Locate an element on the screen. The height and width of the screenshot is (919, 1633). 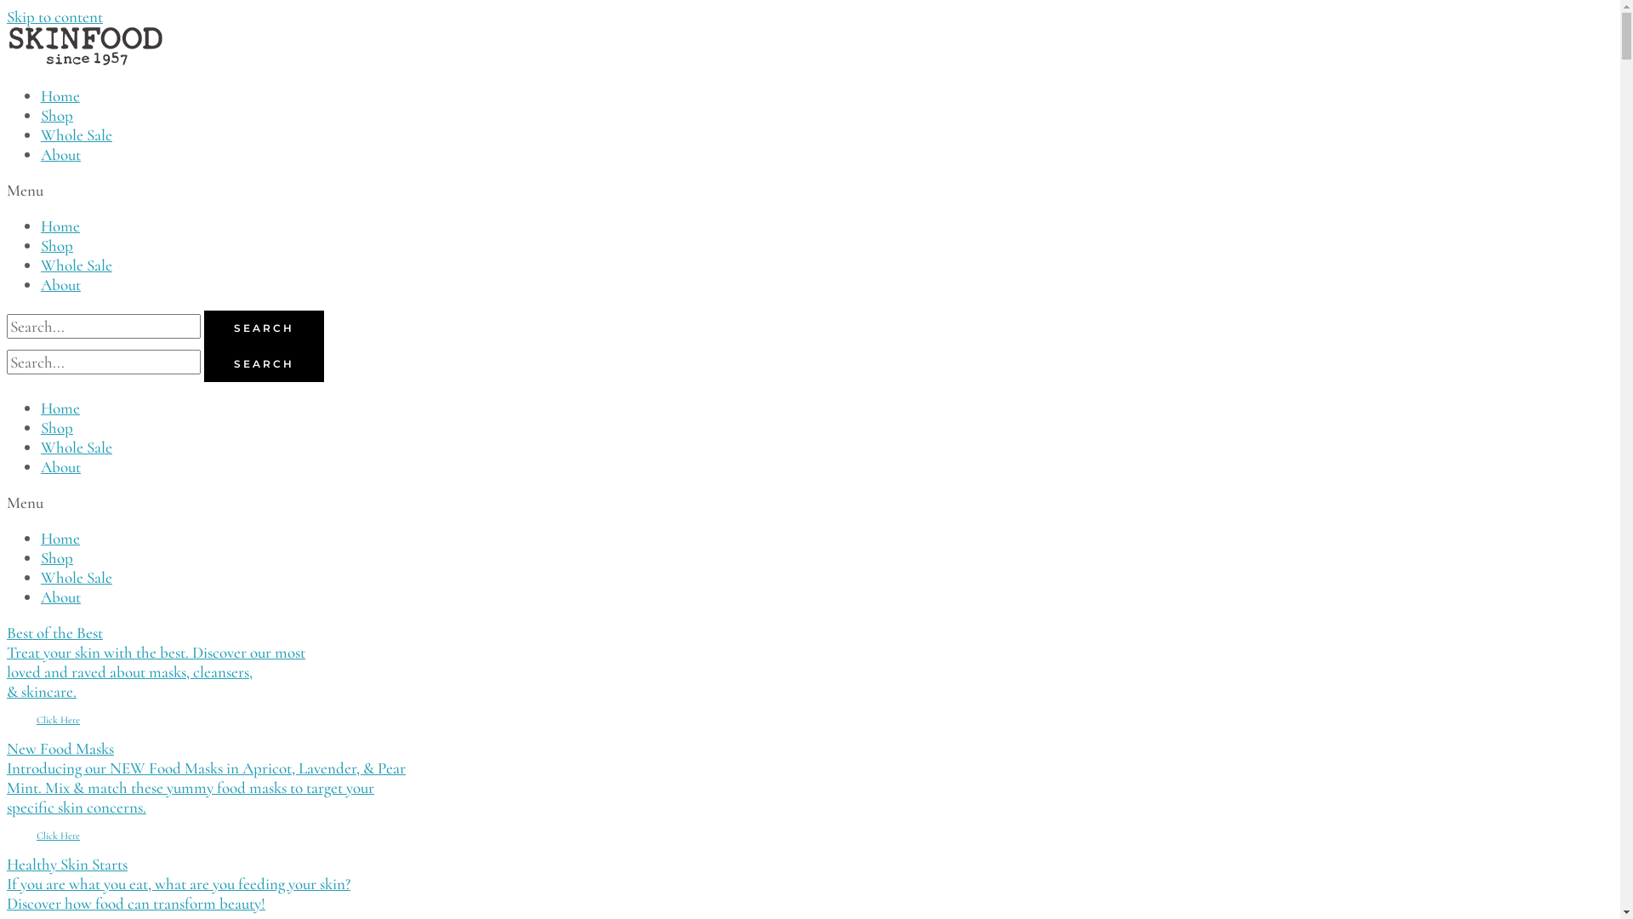
'Whole Sale' is located at coordinates (76, 446).